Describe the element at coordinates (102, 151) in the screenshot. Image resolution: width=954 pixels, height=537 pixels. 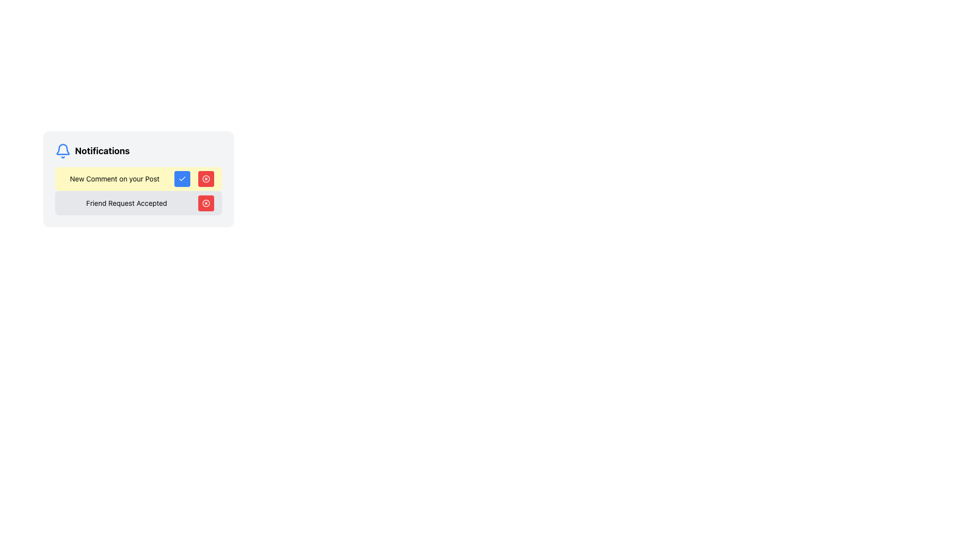
I see `the text label that serves as a header for the notification section, located to the right of the bell icon at the top of the notification panel` at that location.